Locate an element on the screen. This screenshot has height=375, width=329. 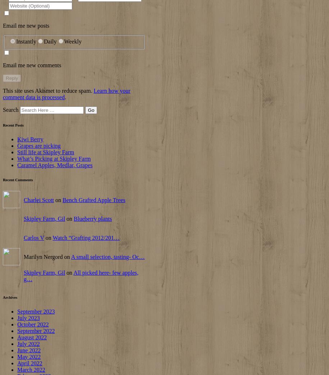
'Email me new comments' is located at coordinates (32, 64).